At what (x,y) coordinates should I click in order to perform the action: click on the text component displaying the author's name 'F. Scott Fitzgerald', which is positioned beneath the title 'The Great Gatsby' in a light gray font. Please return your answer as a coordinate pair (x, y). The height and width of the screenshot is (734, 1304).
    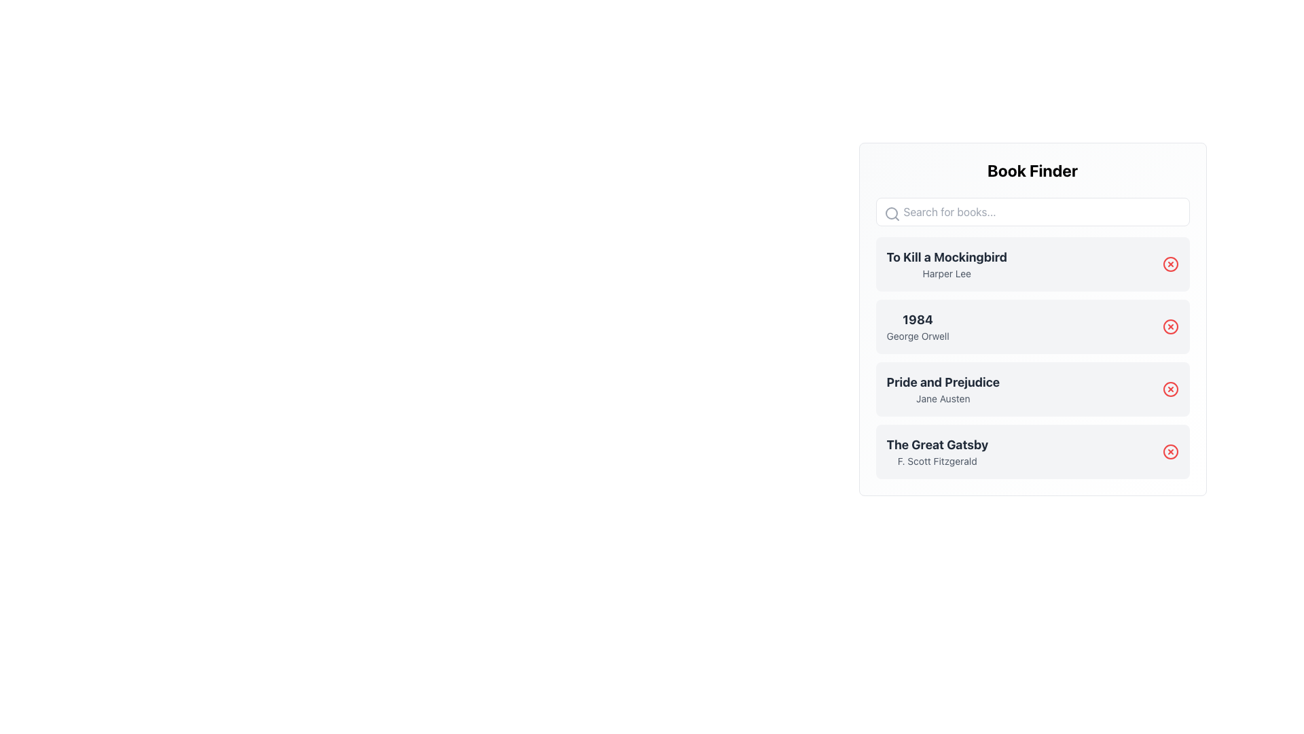
    Looking at the image, I should click on (937, 460).